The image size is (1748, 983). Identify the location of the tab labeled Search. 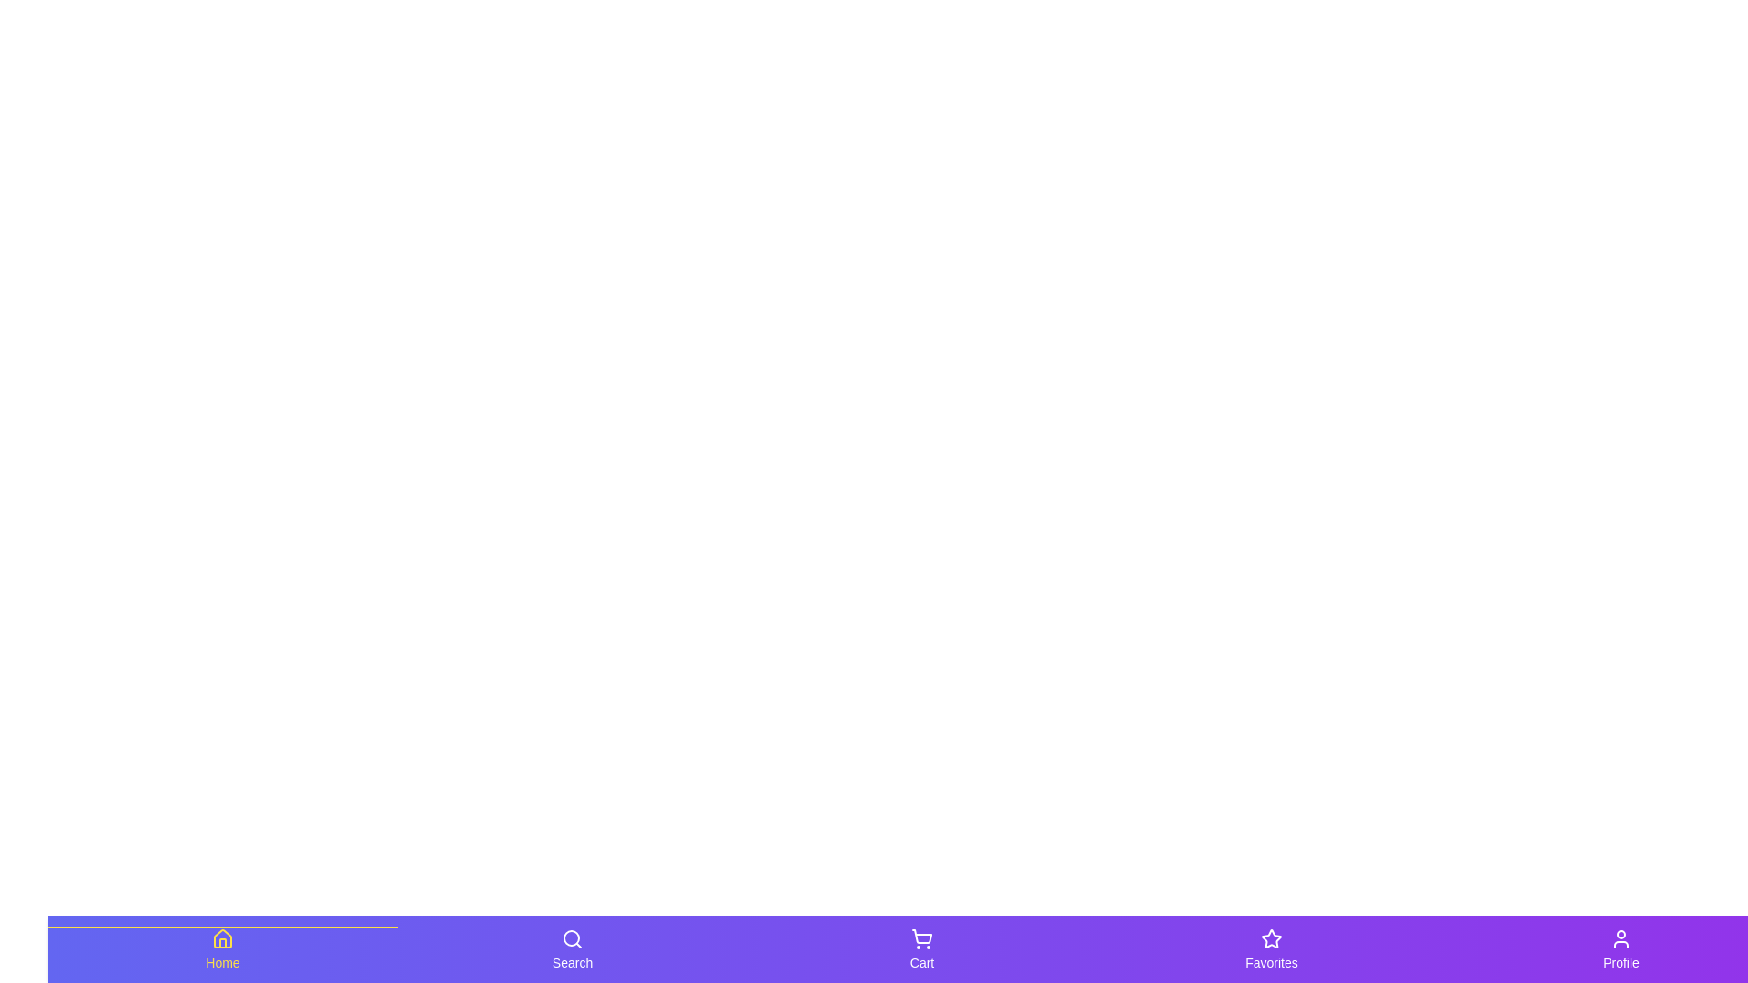
(571, 948).